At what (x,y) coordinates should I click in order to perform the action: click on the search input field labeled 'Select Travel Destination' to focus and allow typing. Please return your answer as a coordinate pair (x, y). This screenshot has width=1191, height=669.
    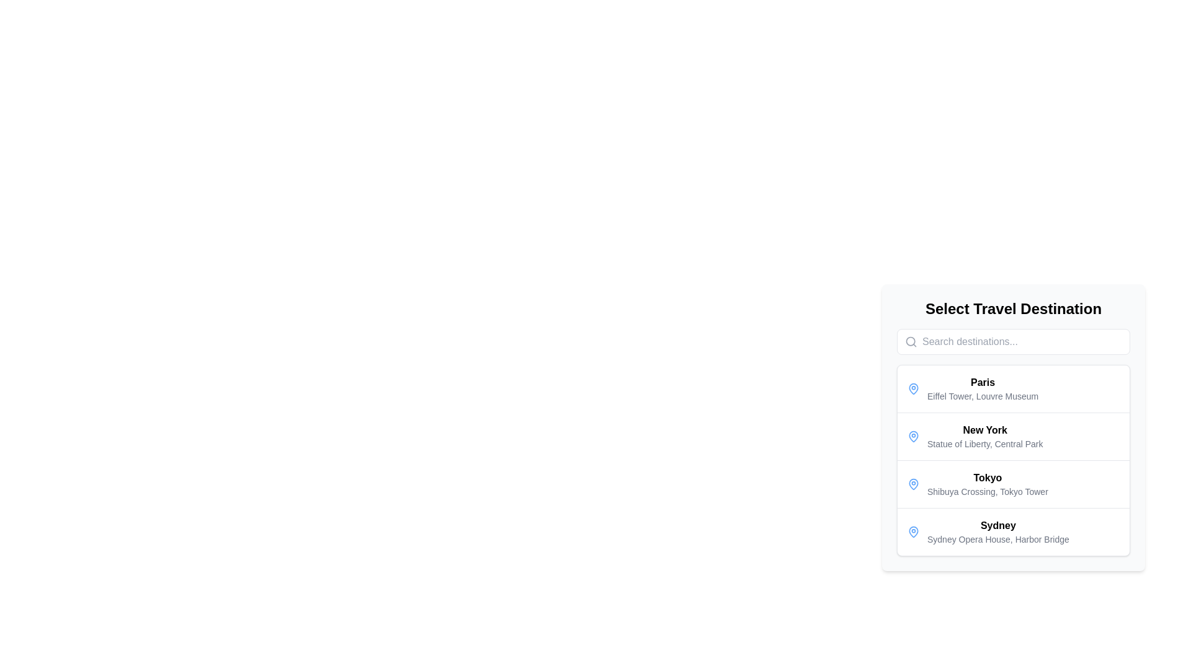
    Looking at the image, I should click on (1013, 341).